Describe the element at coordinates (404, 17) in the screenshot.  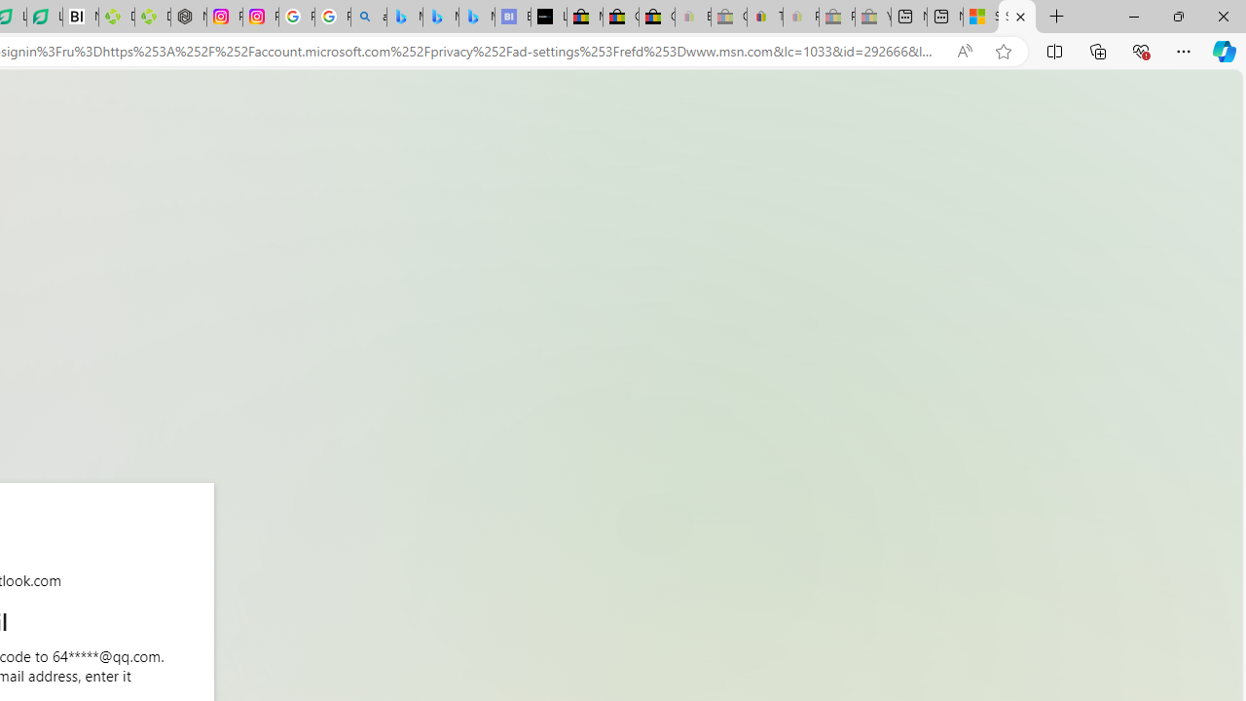
I see `'Microsoft Bing Travel - Flights from Hong Kong to Bangkok'` at that location.